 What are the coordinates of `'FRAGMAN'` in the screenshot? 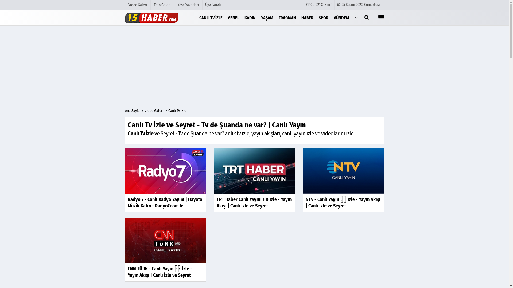 It's located at (287, 17).